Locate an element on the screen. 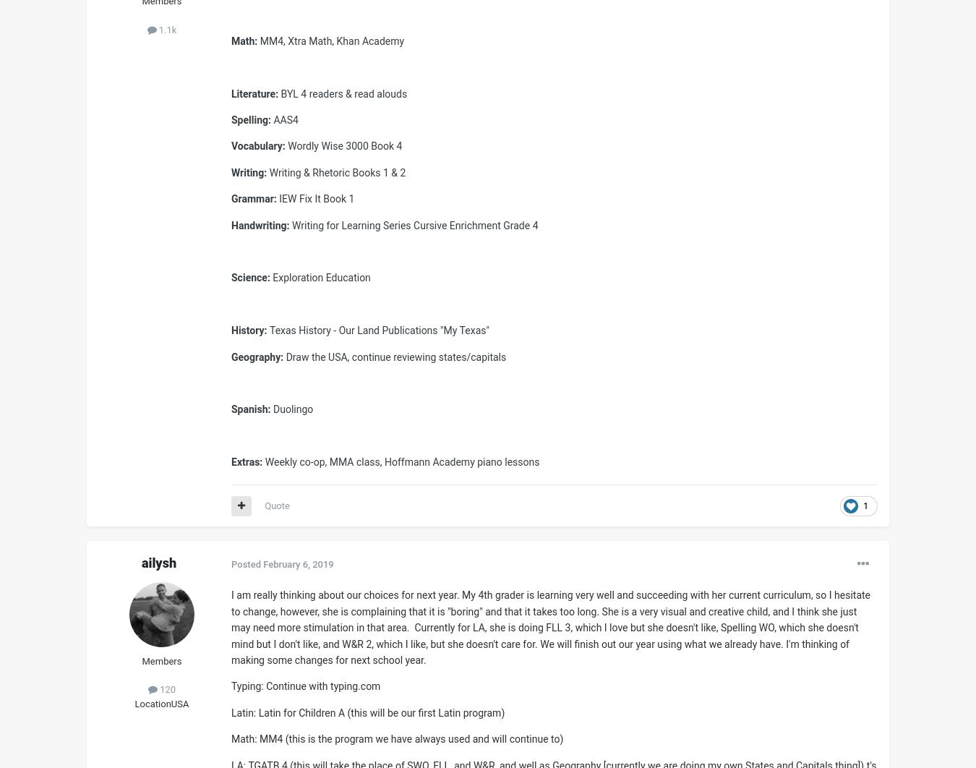 The image size is (976, 768). 'Typing: Continue with typing.com' is located at coordinates (305, 686).